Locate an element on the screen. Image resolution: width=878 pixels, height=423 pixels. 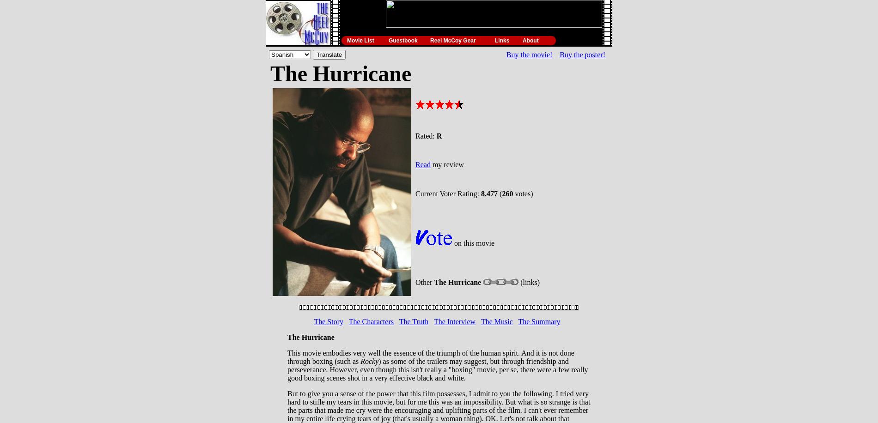
'Movie List' is located at coordinates (360, 40).